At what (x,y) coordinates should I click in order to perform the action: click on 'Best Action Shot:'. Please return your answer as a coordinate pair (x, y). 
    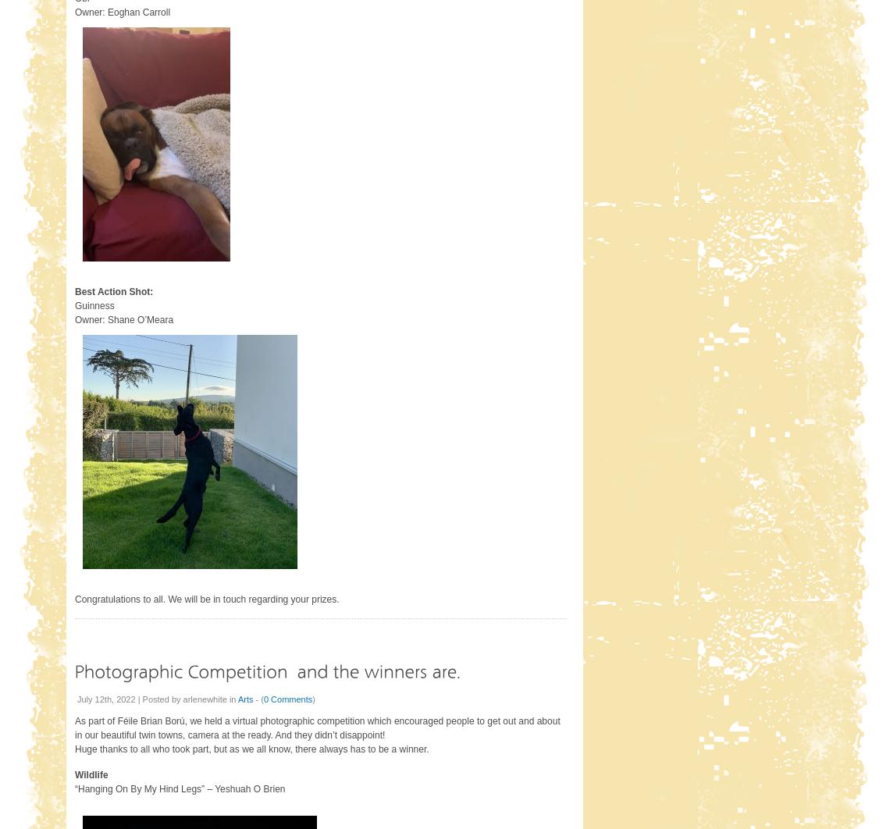
    Looking at the image, I should click on (114, 291).